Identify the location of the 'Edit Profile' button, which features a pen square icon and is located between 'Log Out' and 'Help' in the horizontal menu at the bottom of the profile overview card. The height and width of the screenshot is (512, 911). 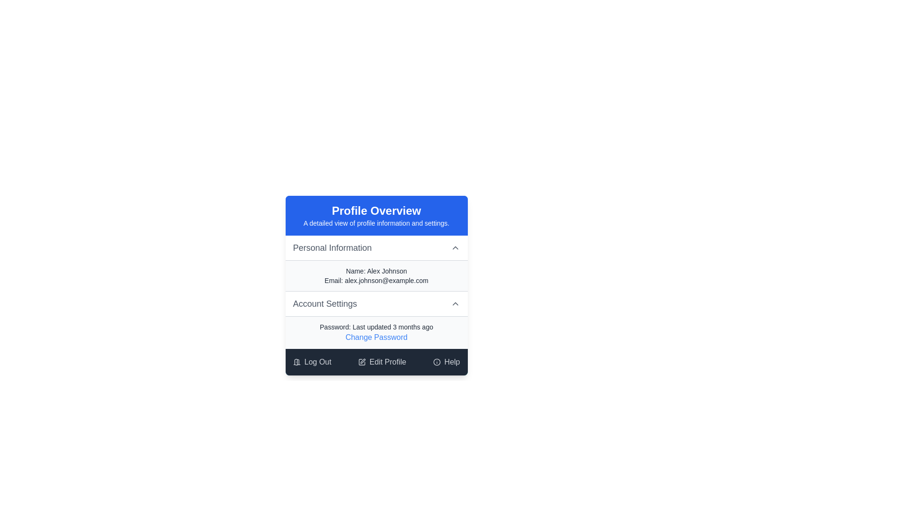
(382, 362).